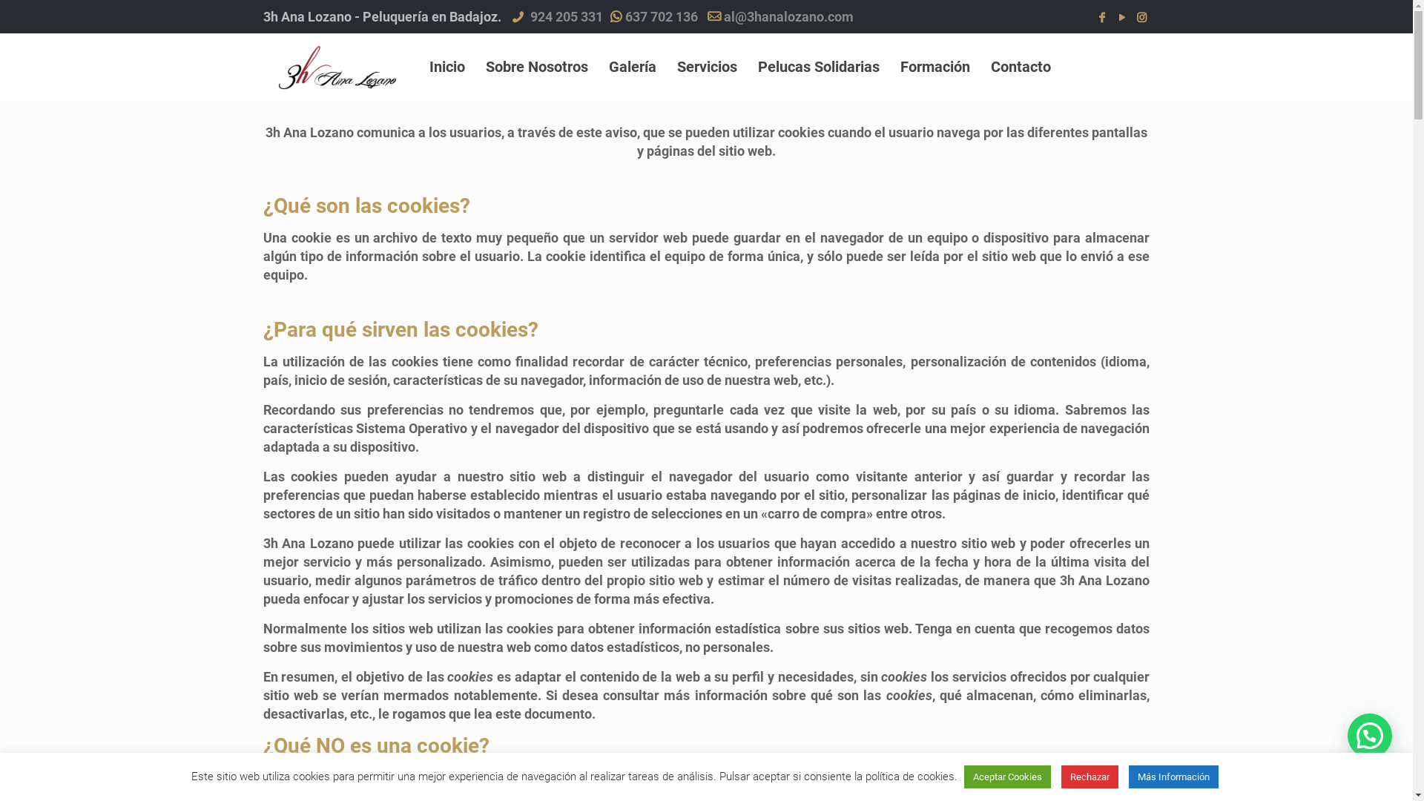  Describe the element at coordinates (788, 16) in the screenshot. I see `'al@3hanalozano.com'` at that location.